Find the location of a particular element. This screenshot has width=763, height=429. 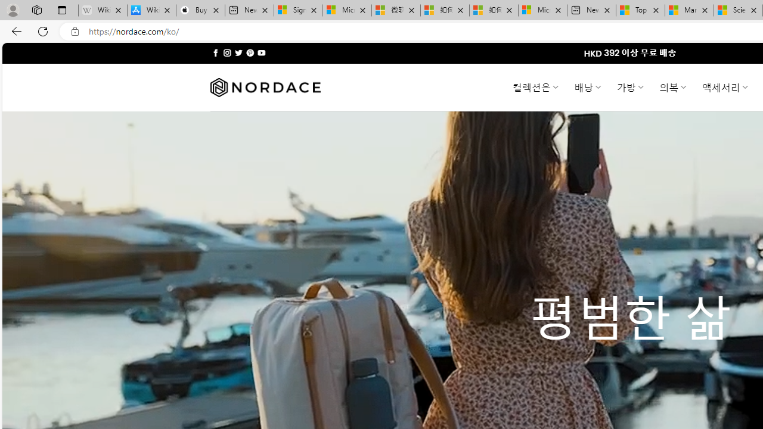

'Follow on YouTube' is located at coordinates (261, 52).